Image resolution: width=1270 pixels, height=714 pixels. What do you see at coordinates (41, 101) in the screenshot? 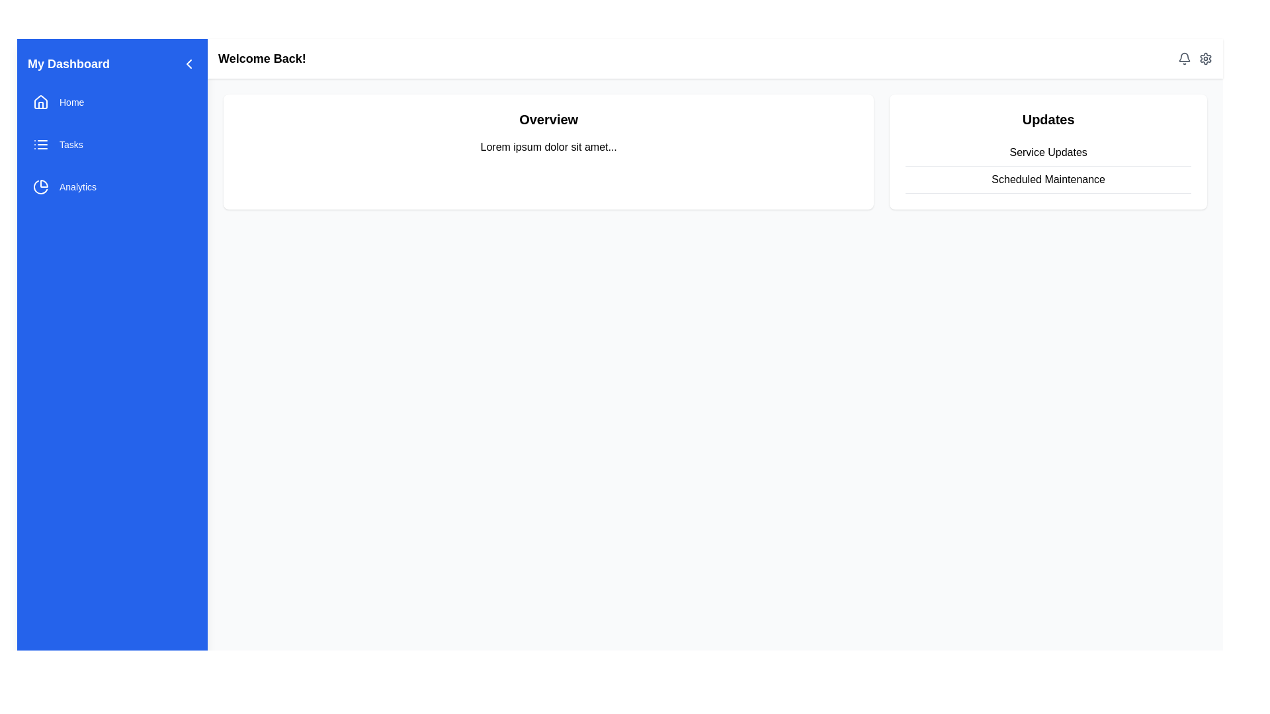
I see `the 'Home' icon in the left-hand navigation menu, located above the 'Tasks' and 'Analytics' entries` at bounding box center [41, 101].